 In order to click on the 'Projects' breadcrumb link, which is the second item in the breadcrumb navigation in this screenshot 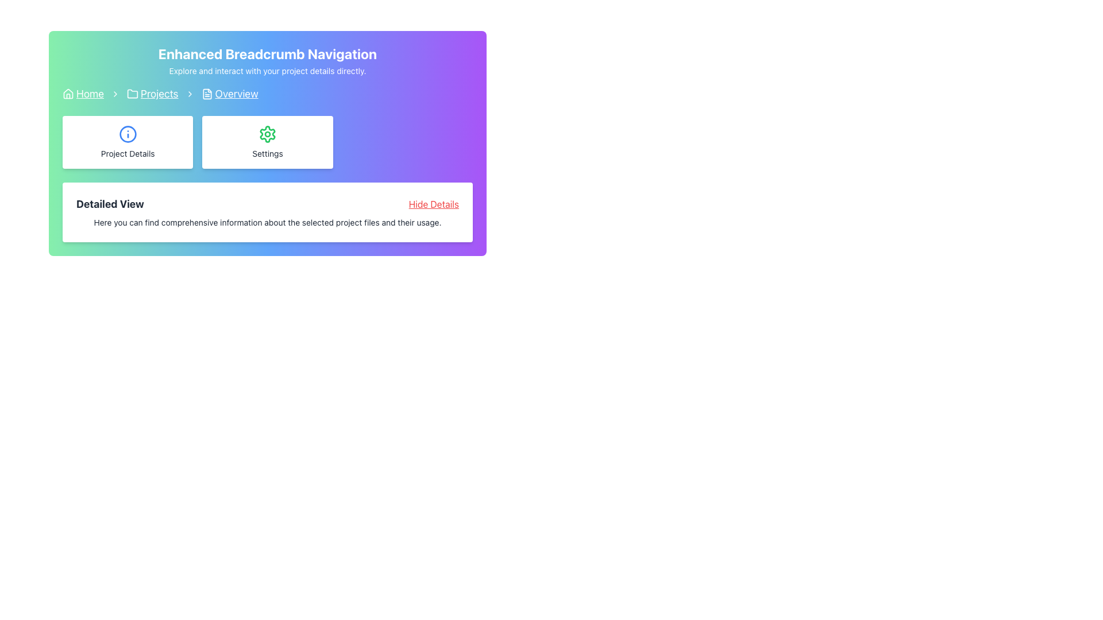, I will do `click(152, 94)`.